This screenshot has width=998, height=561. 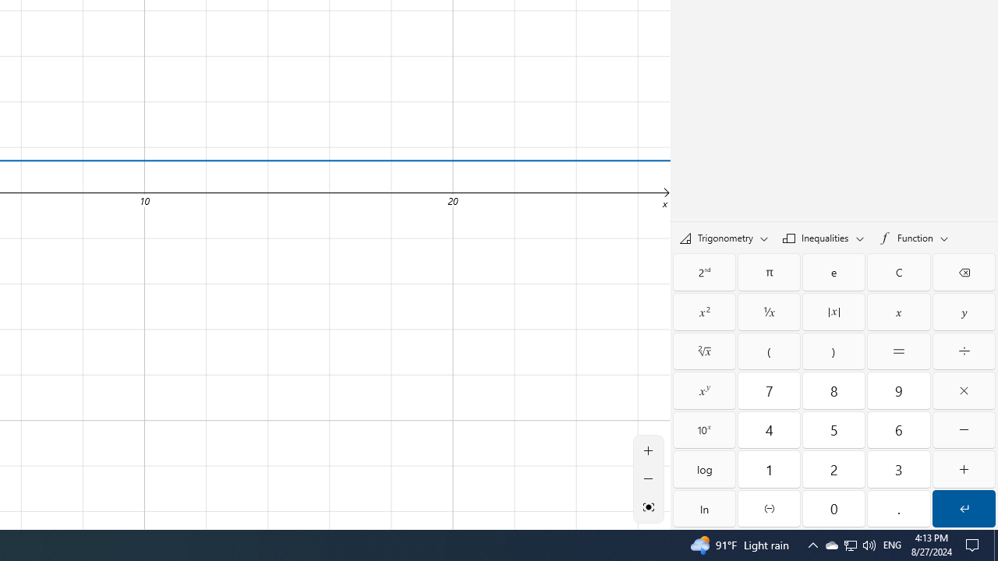 What do you see at coordinates (899, 351) in the screenshot?
I see `'Equals'` at bounding box center [899, 351].